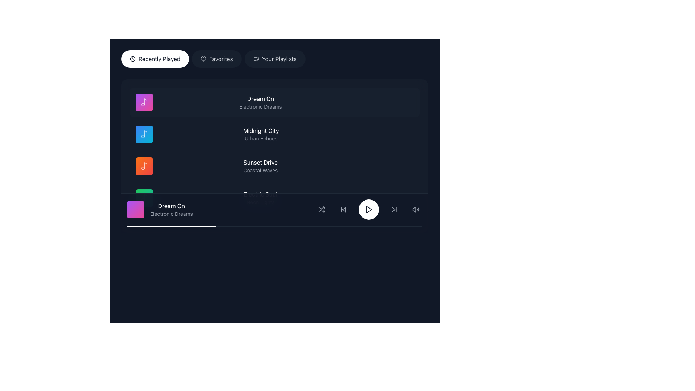  Describe the element at coordinates (274, 209) in the screenshot. I see `the Media Control Bar` at that location.